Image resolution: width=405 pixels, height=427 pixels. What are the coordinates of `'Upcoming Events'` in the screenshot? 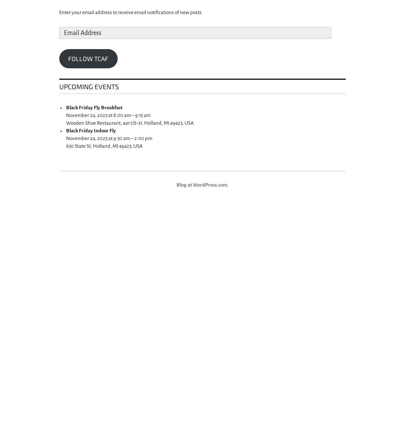 It's located at (89, 86).